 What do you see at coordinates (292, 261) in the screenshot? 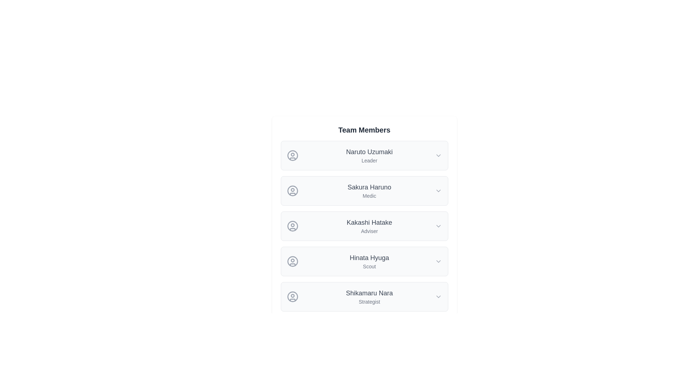
I see `the circular user icon with a gray outline located to the left of the text 'Hinata Hyuga' in the user card labeled 'Scout'` at bounding box center [292, 261].